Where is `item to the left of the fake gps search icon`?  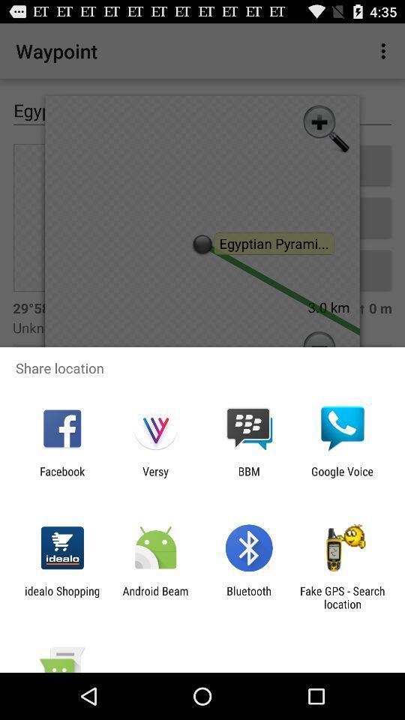
item to the left of the fake gps search icon is located at coordinates (249, 597).